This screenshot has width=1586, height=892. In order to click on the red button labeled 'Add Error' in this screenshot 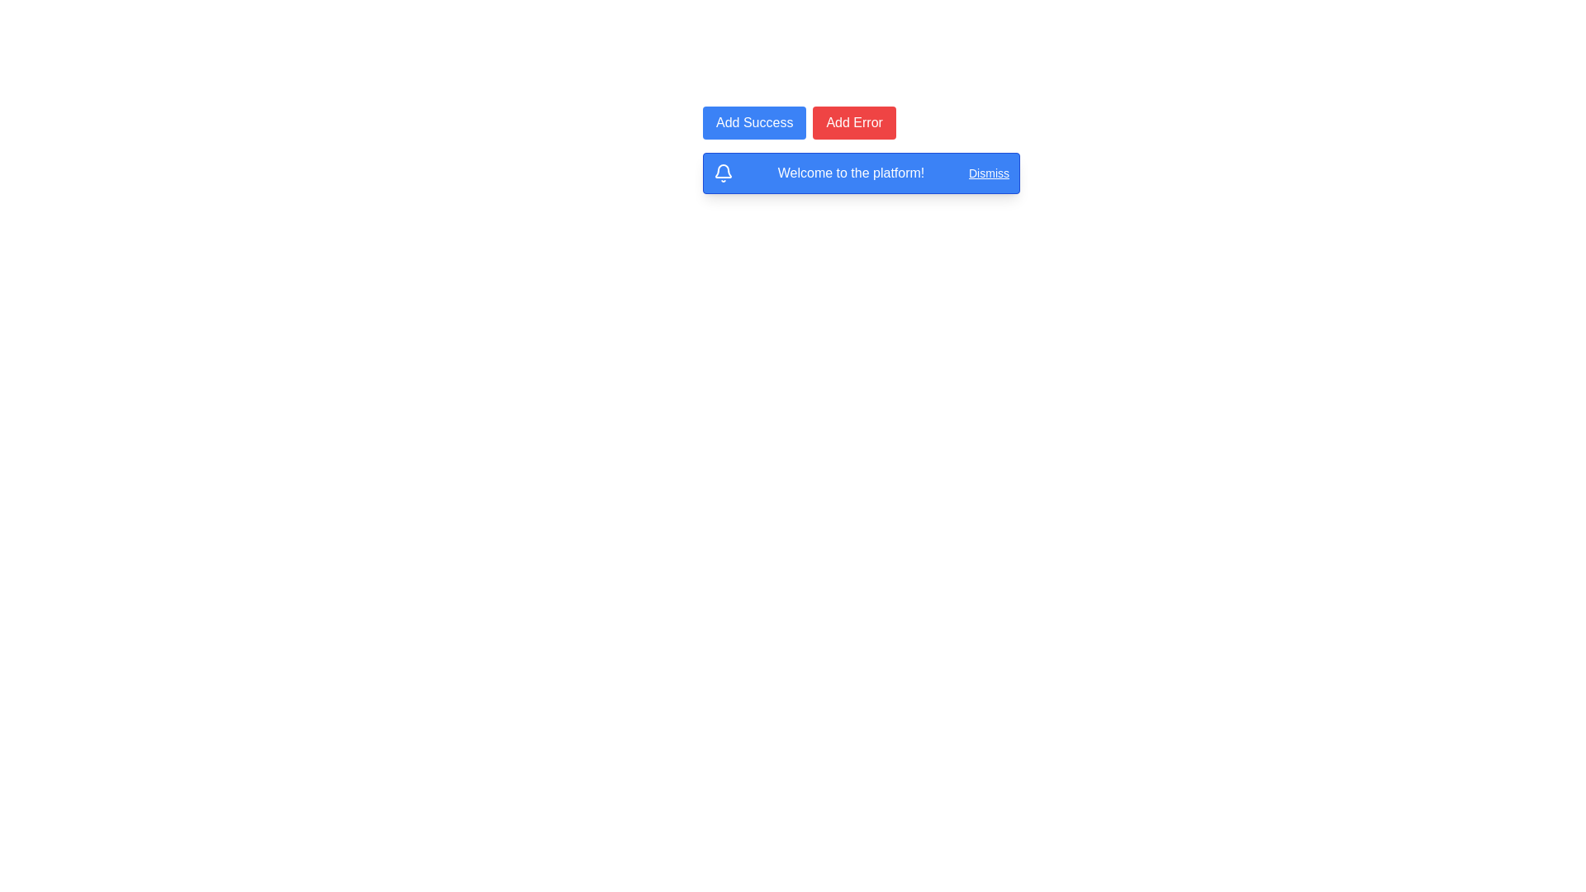, I will do `click(854, 122)`.